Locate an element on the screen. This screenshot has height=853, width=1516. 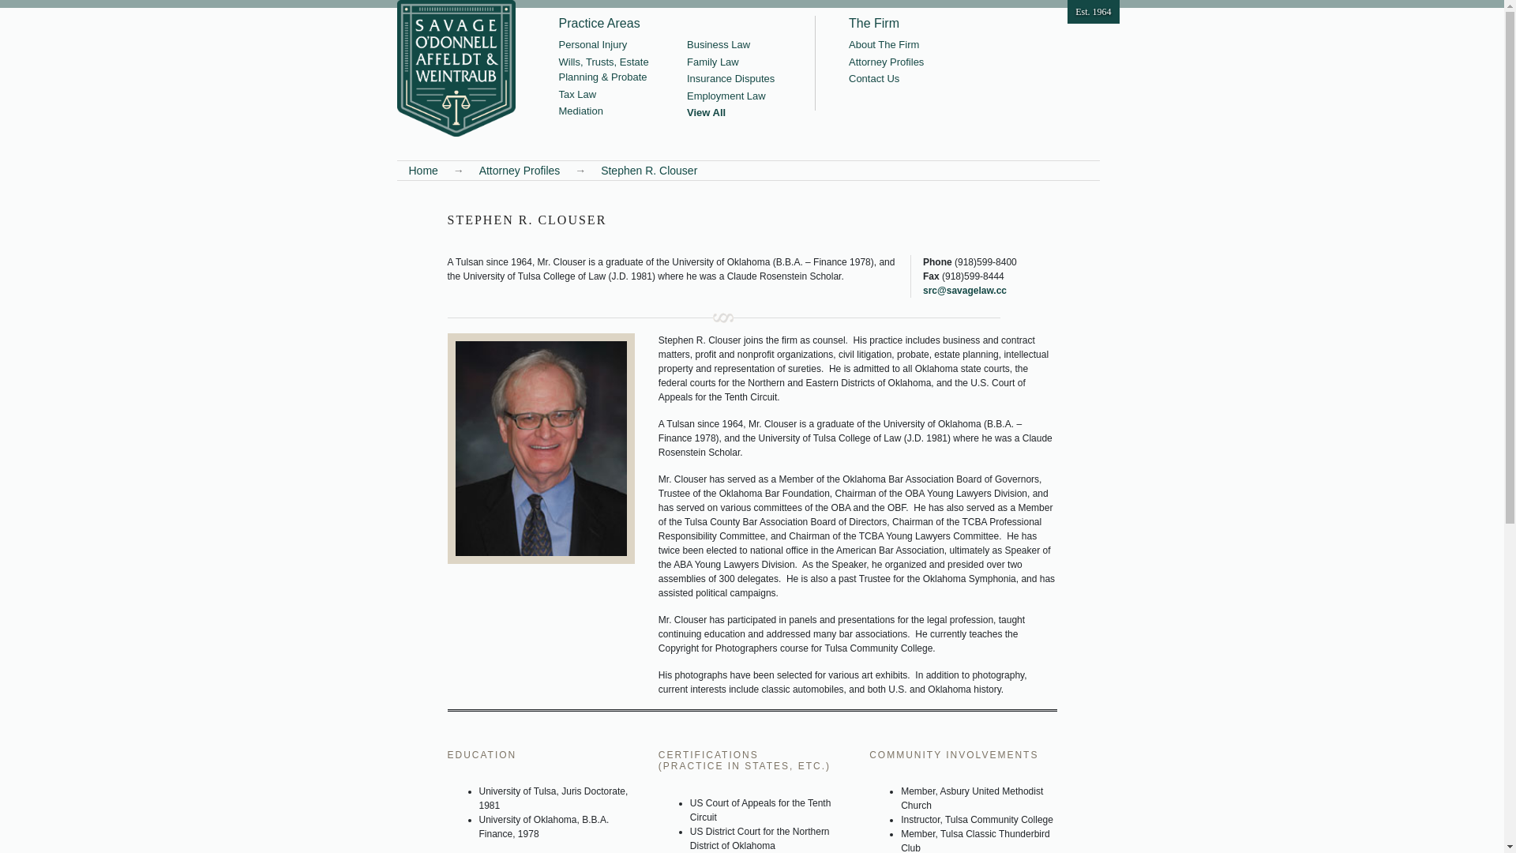
'Wills, Trusts, Estate Planning & Probate' is located at coordinates (559, 69).